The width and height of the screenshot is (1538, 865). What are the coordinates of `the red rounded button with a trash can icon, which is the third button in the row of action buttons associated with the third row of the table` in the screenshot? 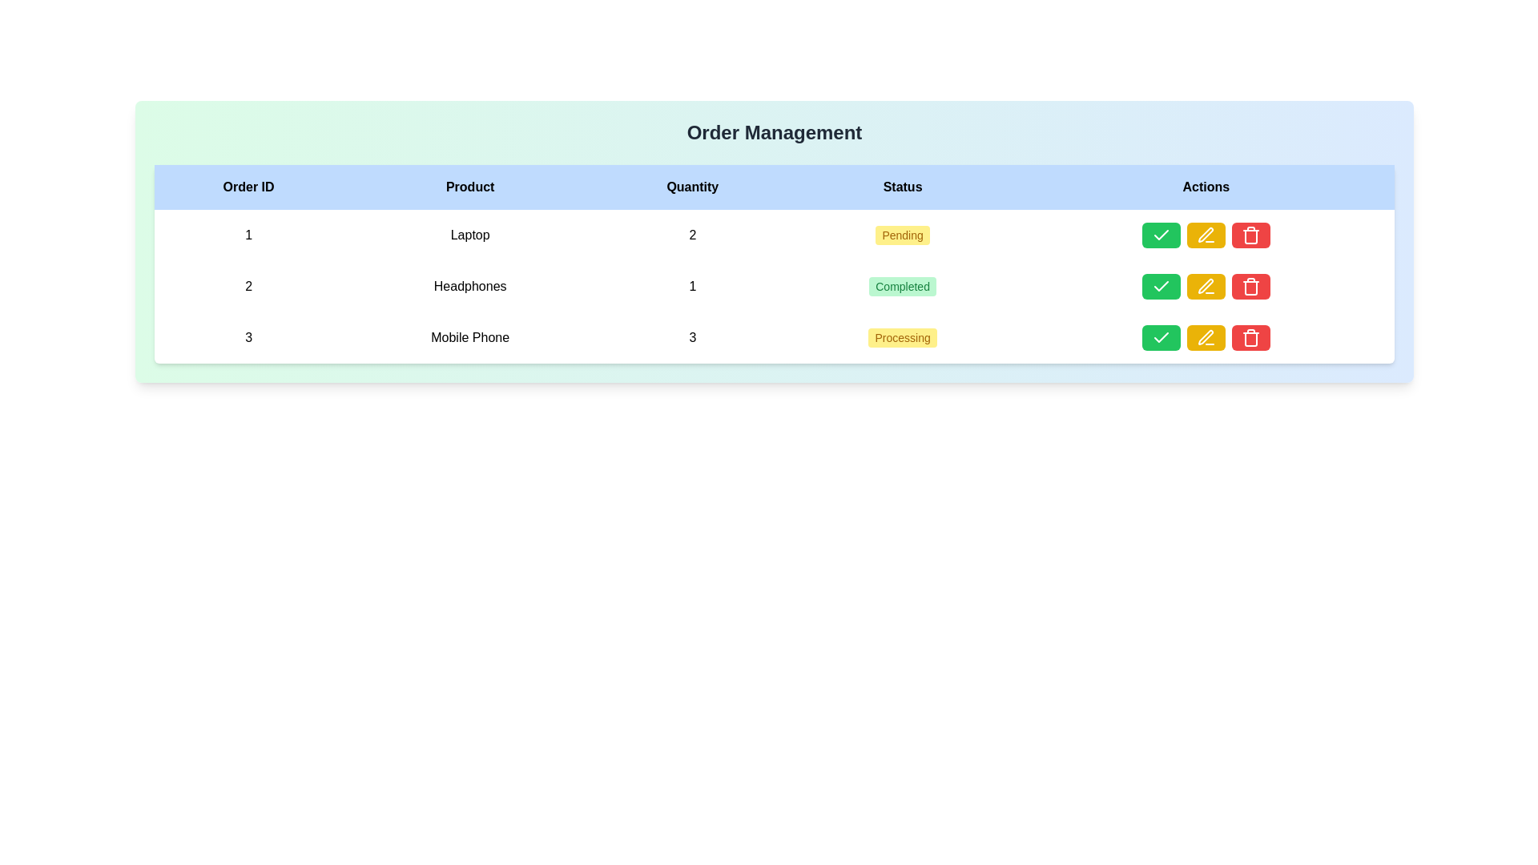 It's located at (1250, 286).